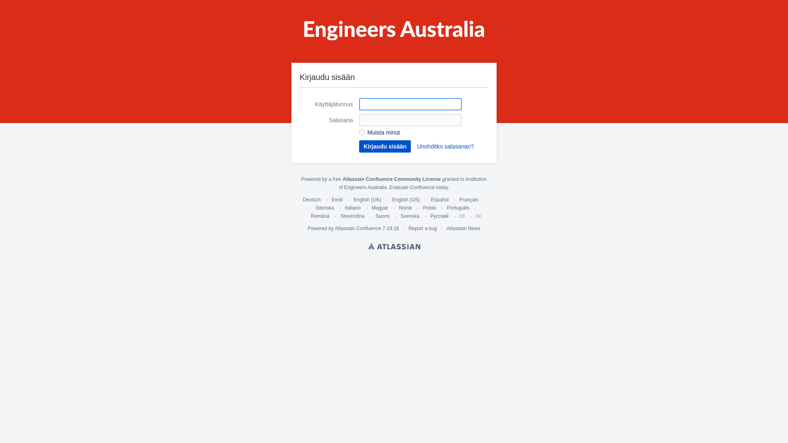  I want to click on 'Norsk', so click(405, 207).